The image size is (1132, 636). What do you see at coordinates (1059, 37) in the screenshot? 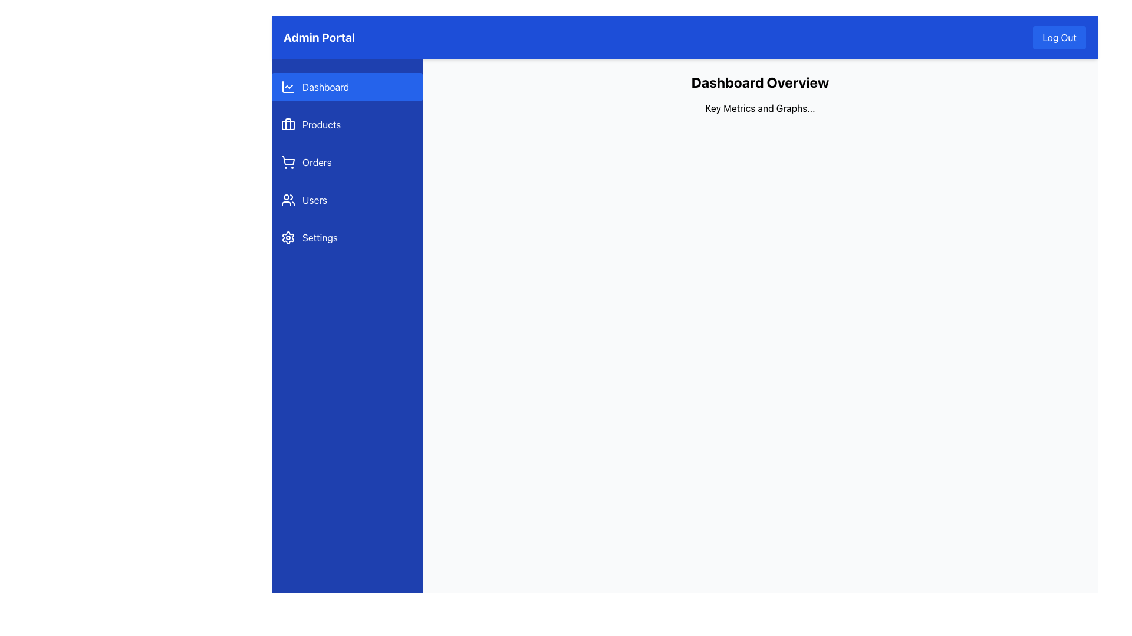
I see `the 'Log Out' button, which is a rectangular blue button with white text located in the top-right corner of the blue header bar` at bounding box center [1059, 37].